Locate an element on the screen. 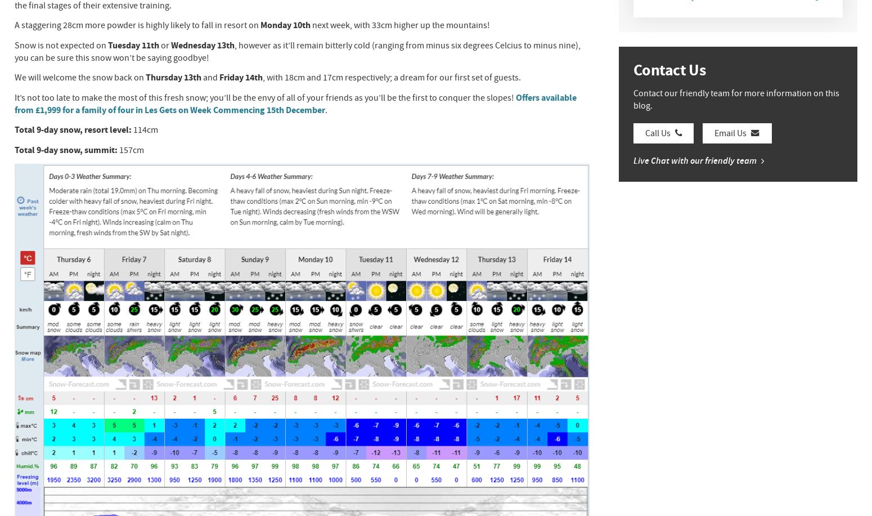  'Tuesday 11th' is located at coordinates (133, 44).